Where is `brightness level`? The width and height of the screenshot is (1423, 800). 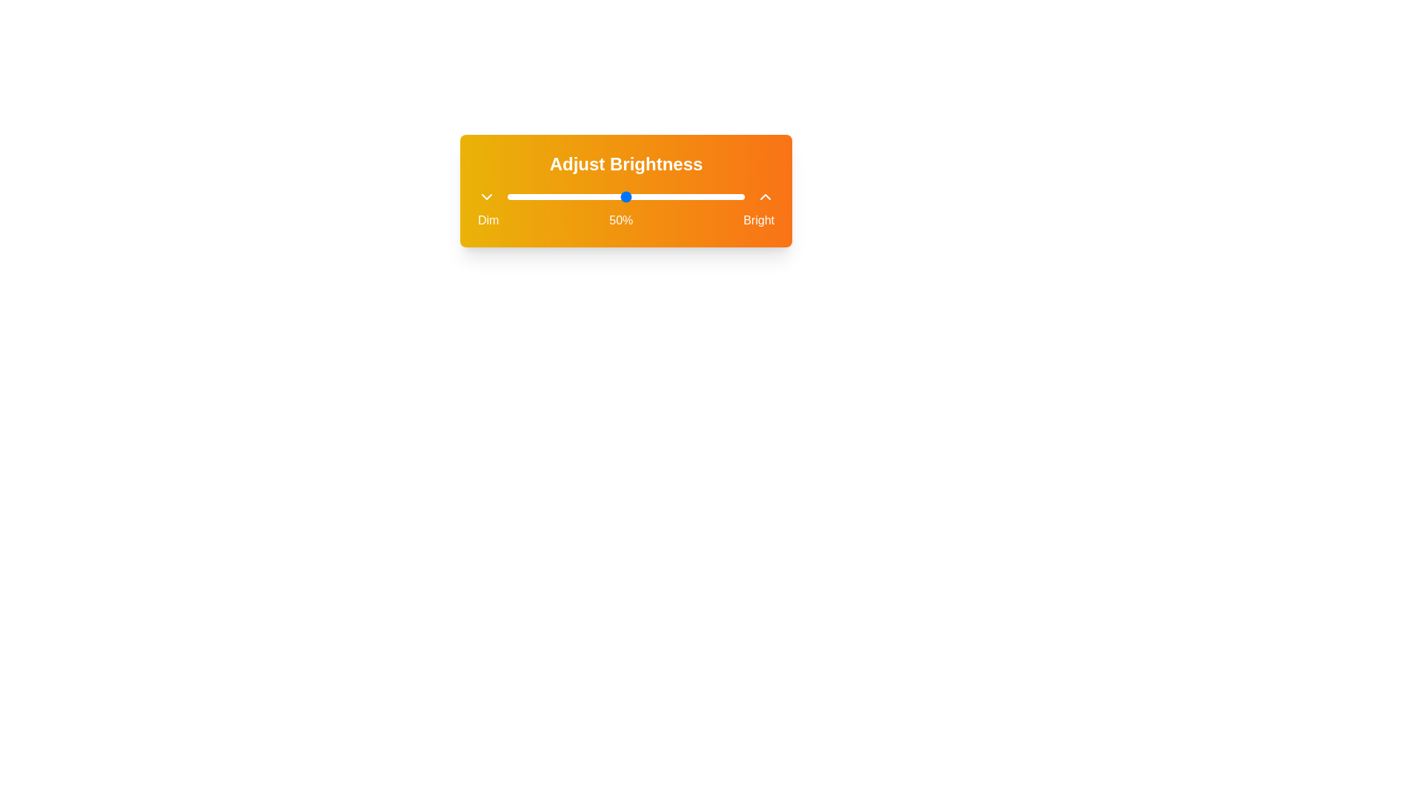 brightness level is located at coordinates (656, 196).